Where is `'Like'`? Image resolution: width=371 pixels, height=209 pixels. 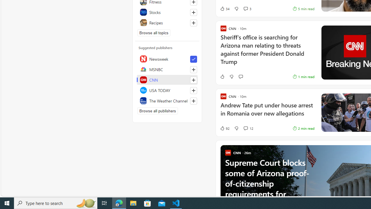
'Like' is located at coordinates (215, 76).